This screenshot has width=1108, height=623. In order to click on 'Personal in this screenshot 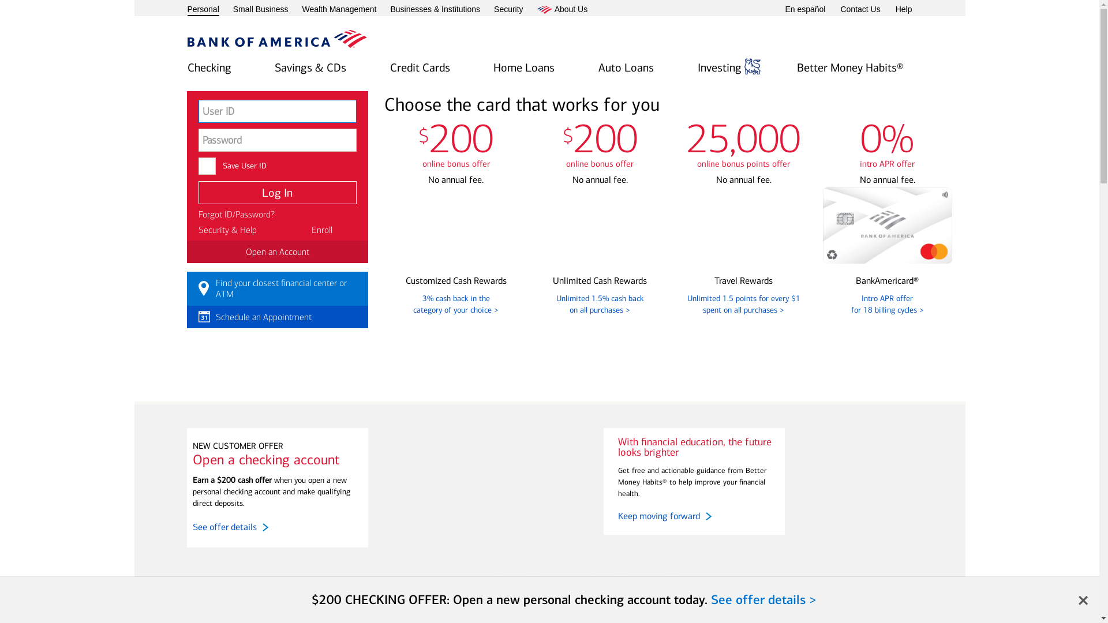, I will do `click(203, 10)`.